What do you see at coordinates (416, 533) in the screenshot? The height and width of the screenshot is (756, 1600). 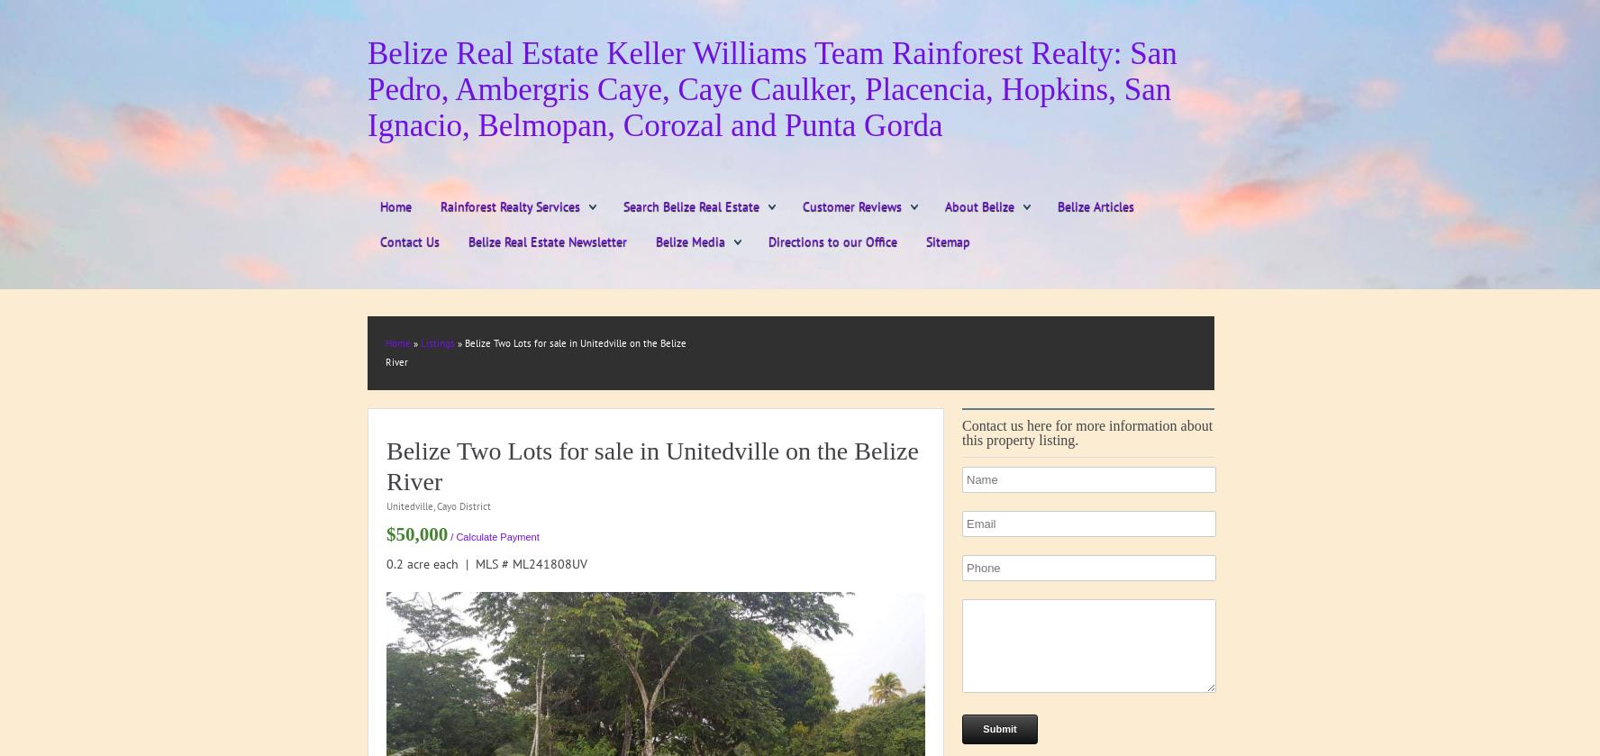 I see `'$50,000'` at bounding box center [416, 533].